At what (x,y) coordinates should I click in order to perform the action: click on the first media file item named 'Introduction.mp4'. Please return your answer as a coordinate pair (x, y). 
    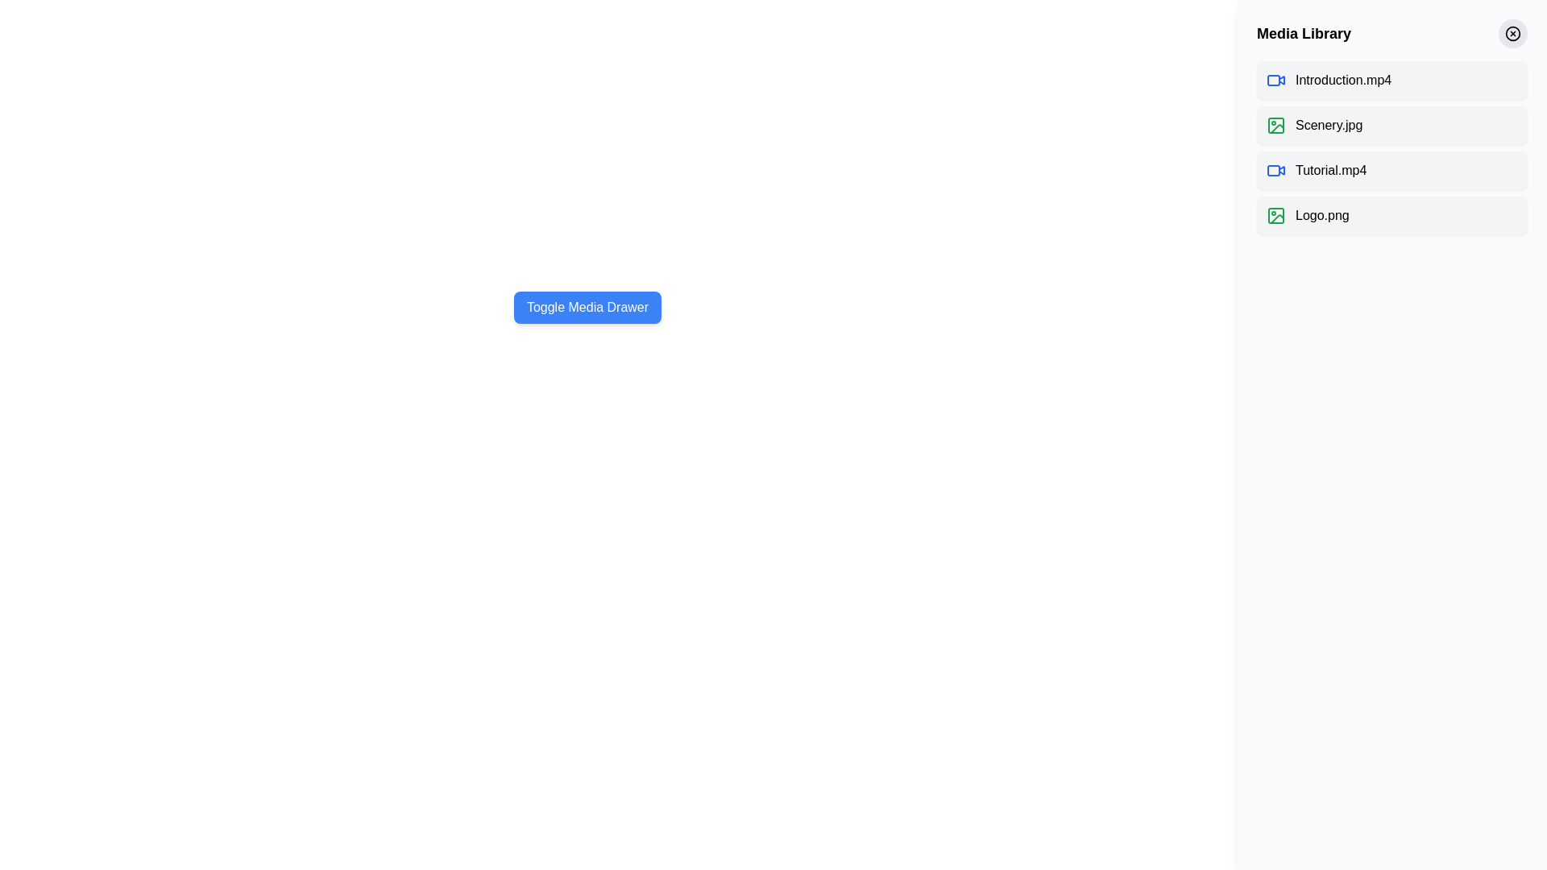
    Looking at the image, I should click on (1391, 81).